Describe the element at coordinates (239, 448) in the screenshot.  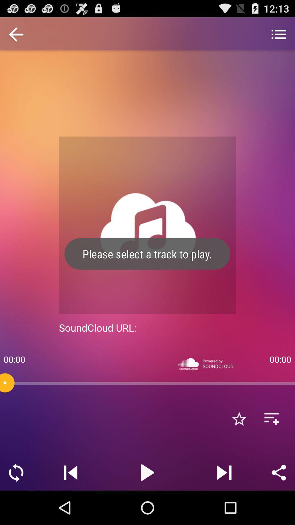
I see `the star icon` at that location.